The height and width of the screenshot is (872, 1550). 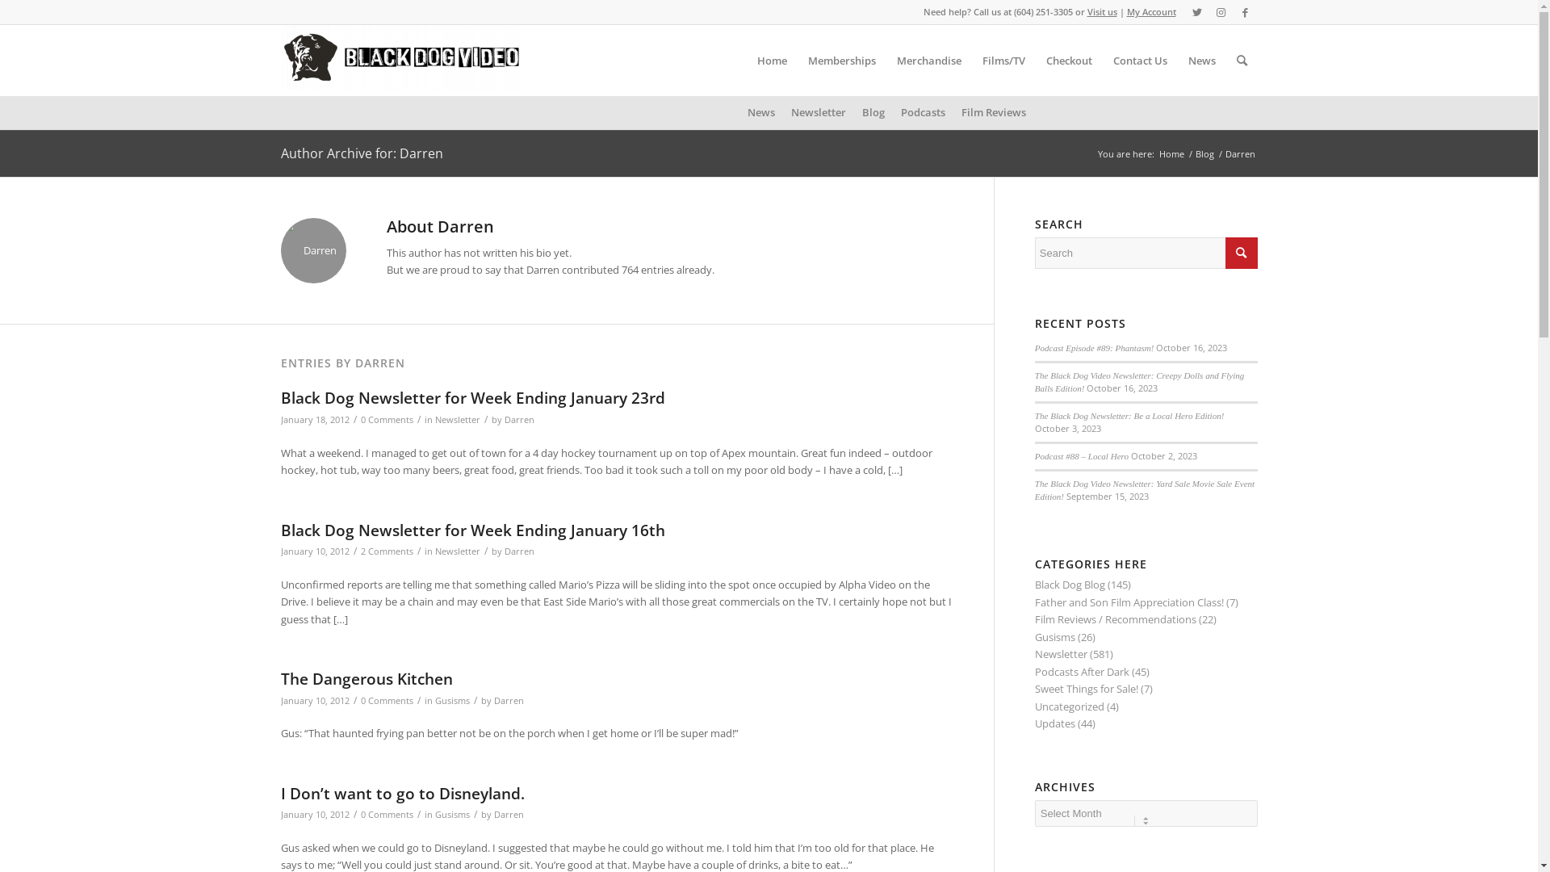 What do you see at coordinates (929, 59) in the screenshot?
I see `'Merchandise'` at bounding box center [929, 59].